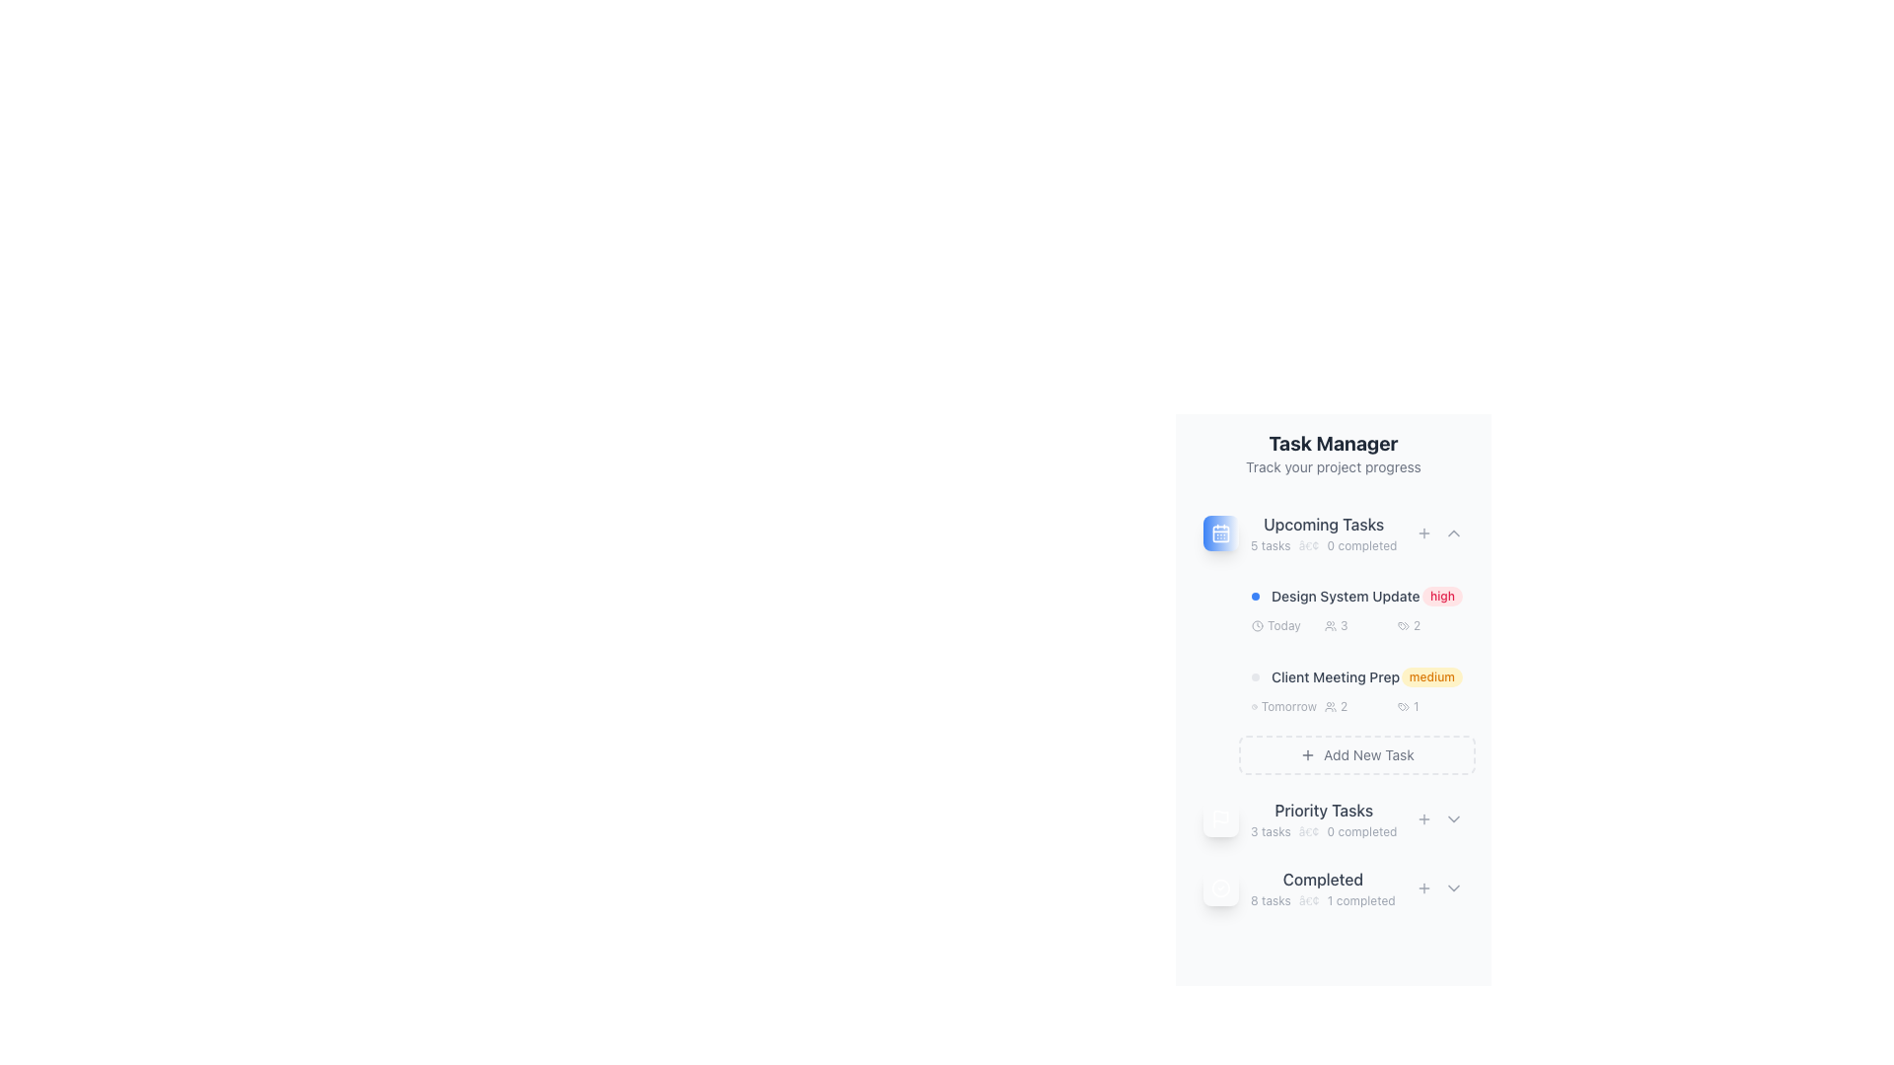  Describe the element at coordinates (1288, 706) in the screenshot. I see `the due date text label for the task 'Client Meeting Prep' in the 'Upcoming Tasks' section` at that location.